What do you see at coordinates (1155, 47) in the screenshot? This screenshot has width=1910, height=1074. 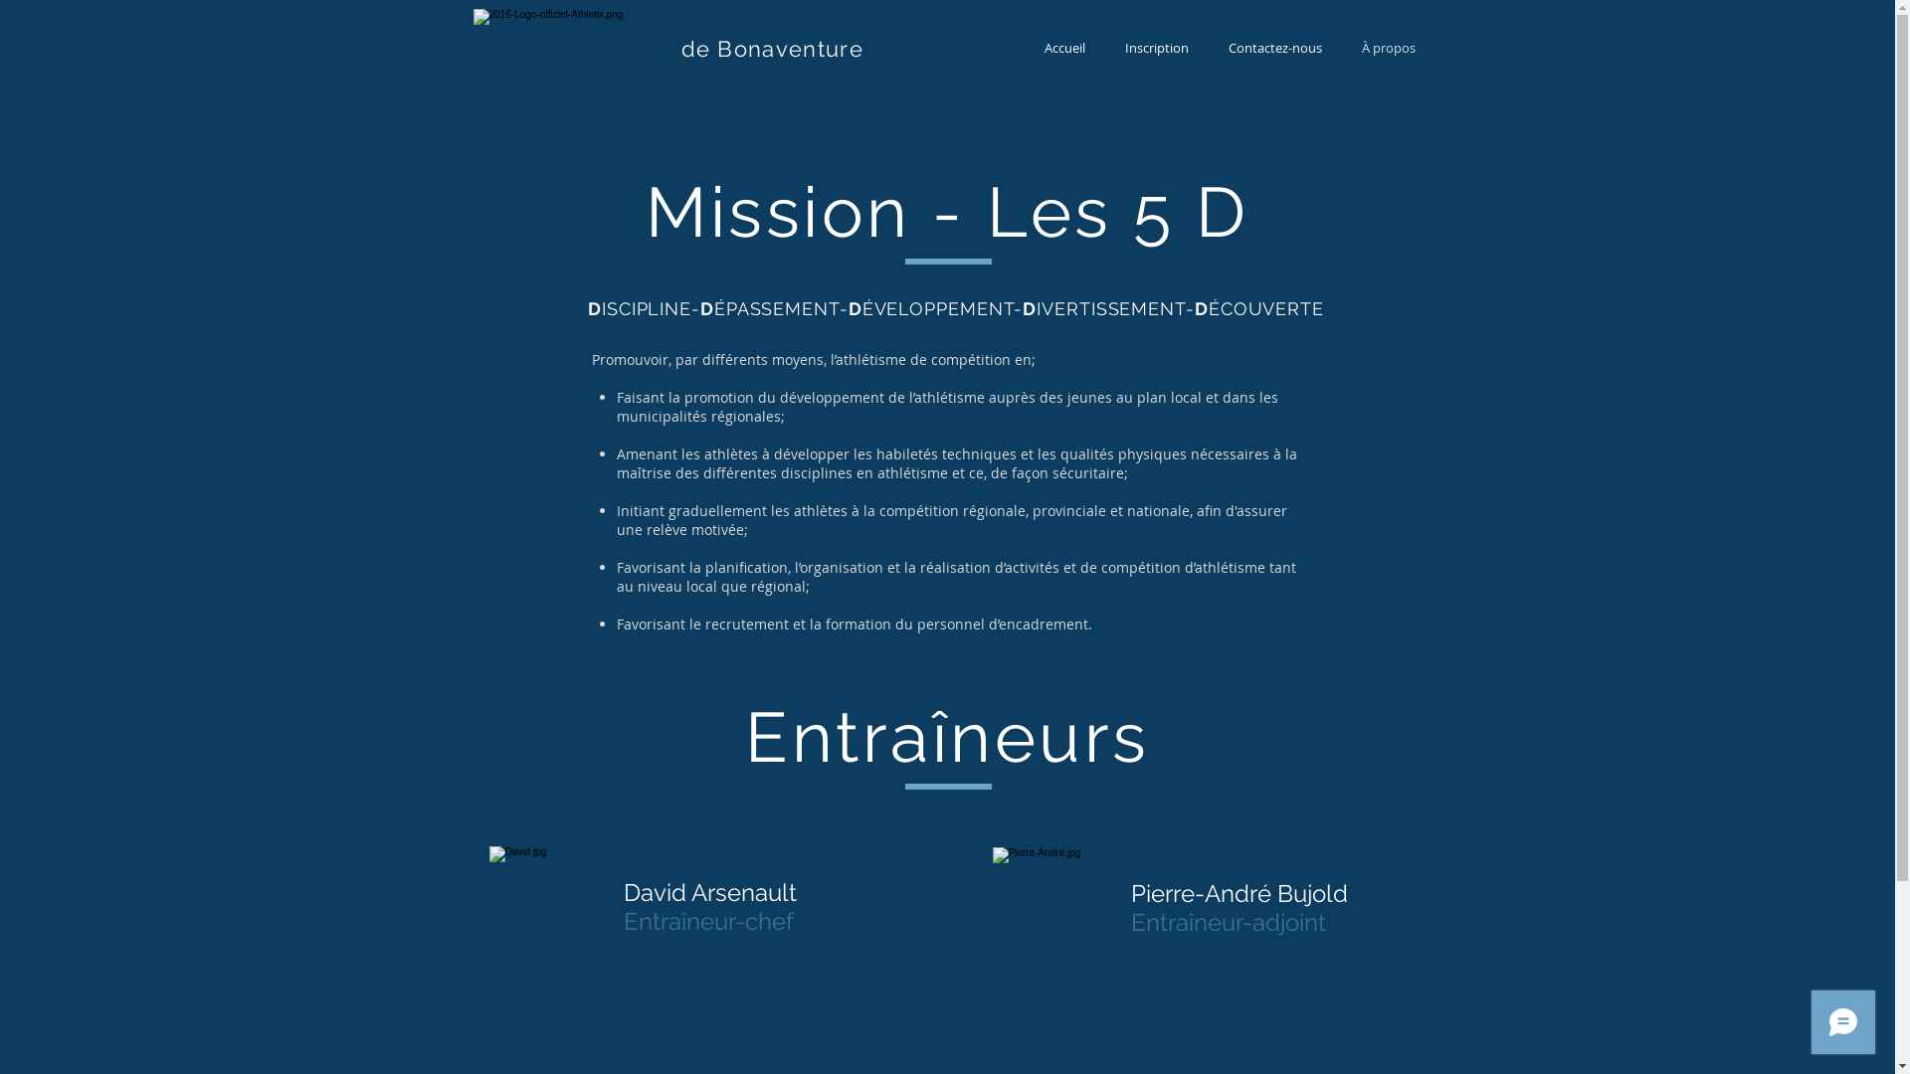 I see `'Inscription'` at bounding box center [1155, 47].